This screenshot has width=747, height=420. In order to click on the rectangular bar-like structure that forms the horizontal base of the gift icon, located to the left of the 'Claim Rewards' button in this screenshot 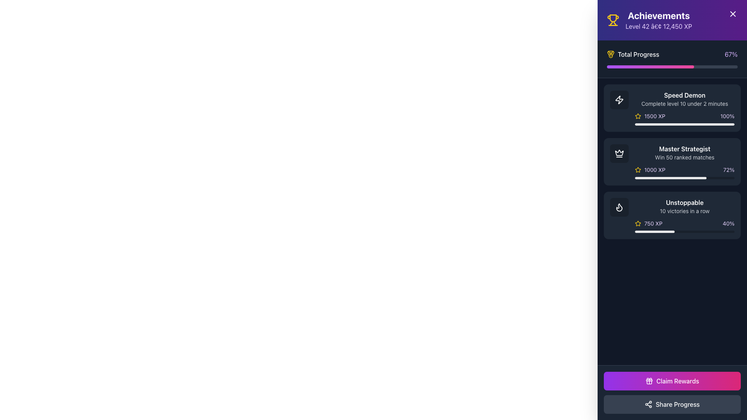, I will do `click(649, 380)`.